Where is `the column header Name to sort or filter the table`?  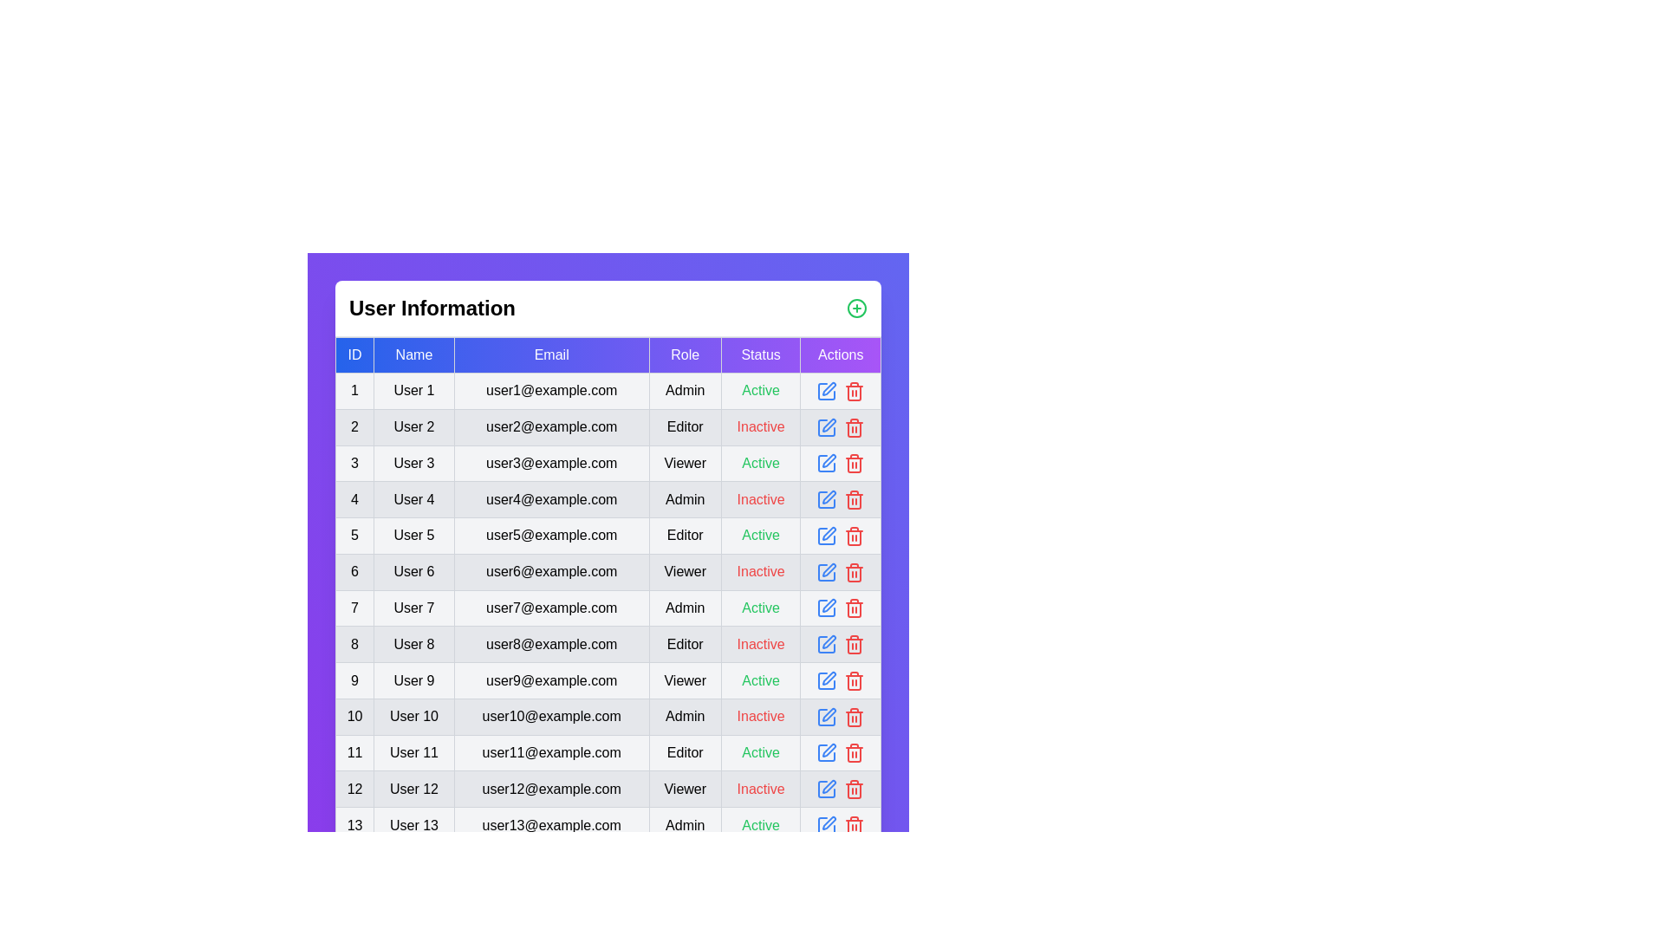 the column header Name to sort or filter the table is located at coordinates (413, 354).